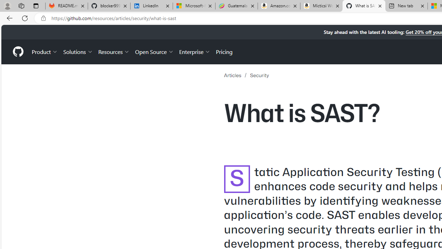 The height and width of the screenshot is (249, 442). I want to click on 'Security', so click(259, 75).